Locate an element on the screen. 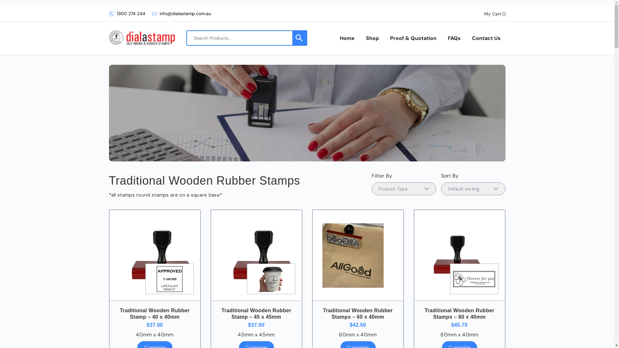 The height and width of the screenshot is (348, 619). 'FAQs' is located at coordinates (453, 38).